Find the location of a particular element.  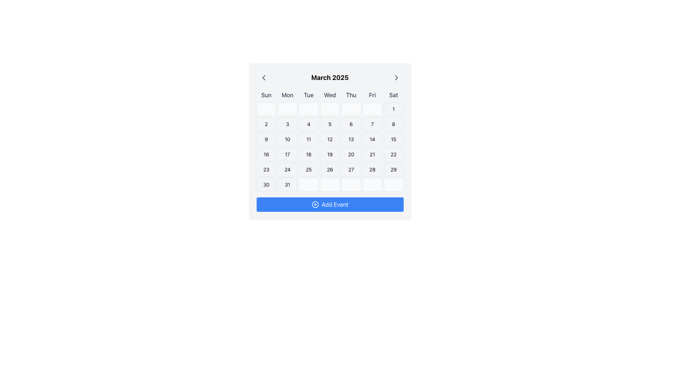

the calendar day cell representing the 28th day of the month is located at coordinates (372, 169).